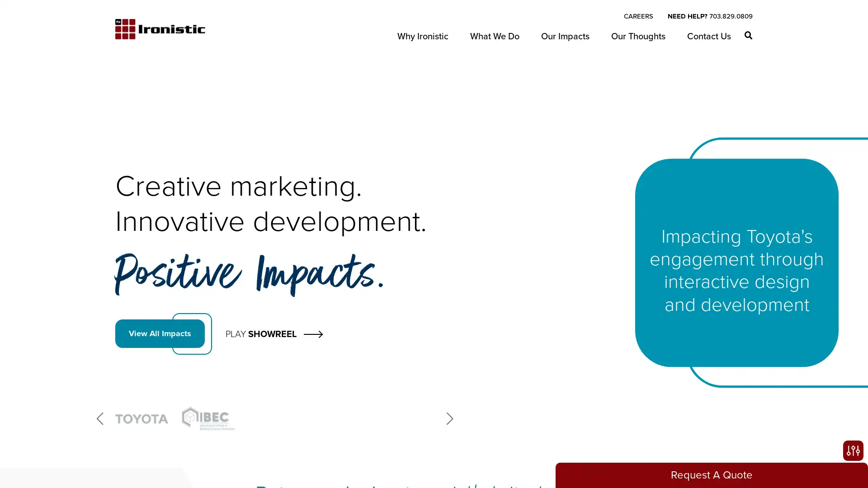  What do you see at coordinates (99, 418) in the screenshot?
I see `Previous slide` at bounding box center [99, 418].